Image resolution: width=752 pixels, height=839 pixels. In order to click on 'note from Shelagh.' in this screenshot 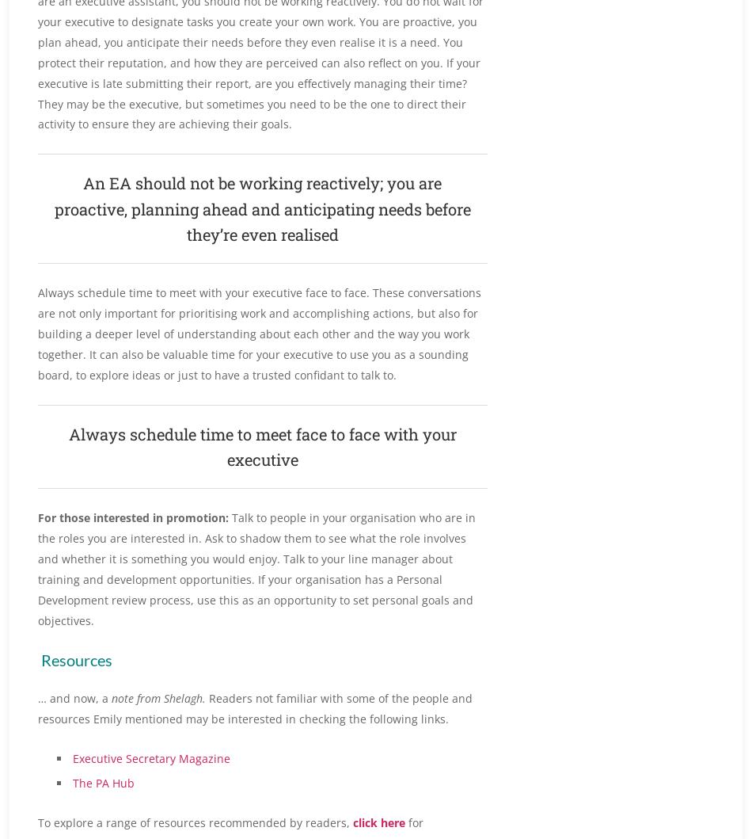, I will do `click(108, 697)`.